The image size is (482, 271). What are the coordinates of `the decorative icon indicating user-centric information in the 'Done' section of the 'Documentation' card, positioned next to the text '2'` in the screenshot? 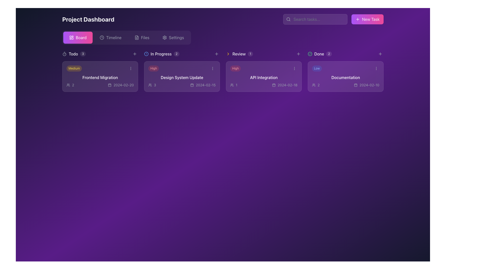 It's located at (313, 85).